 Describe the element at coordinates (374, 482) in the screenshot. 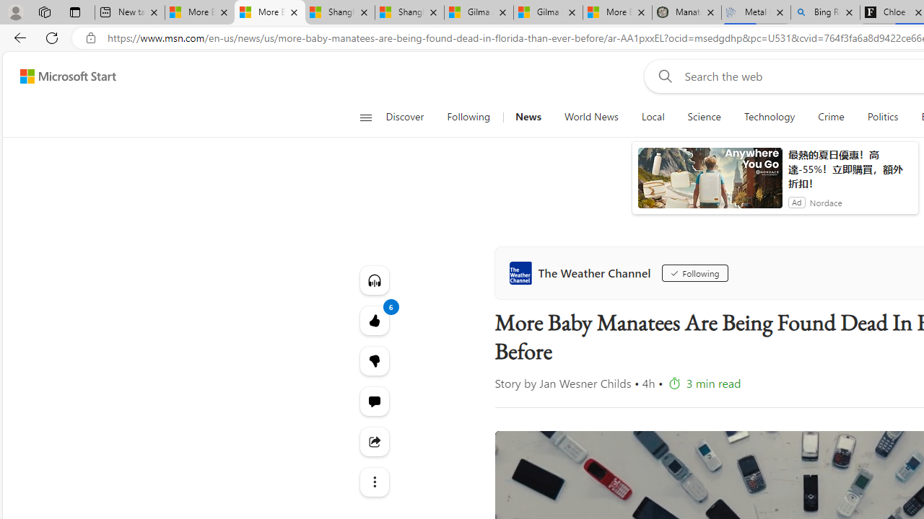

I see `'See more'` at that location.